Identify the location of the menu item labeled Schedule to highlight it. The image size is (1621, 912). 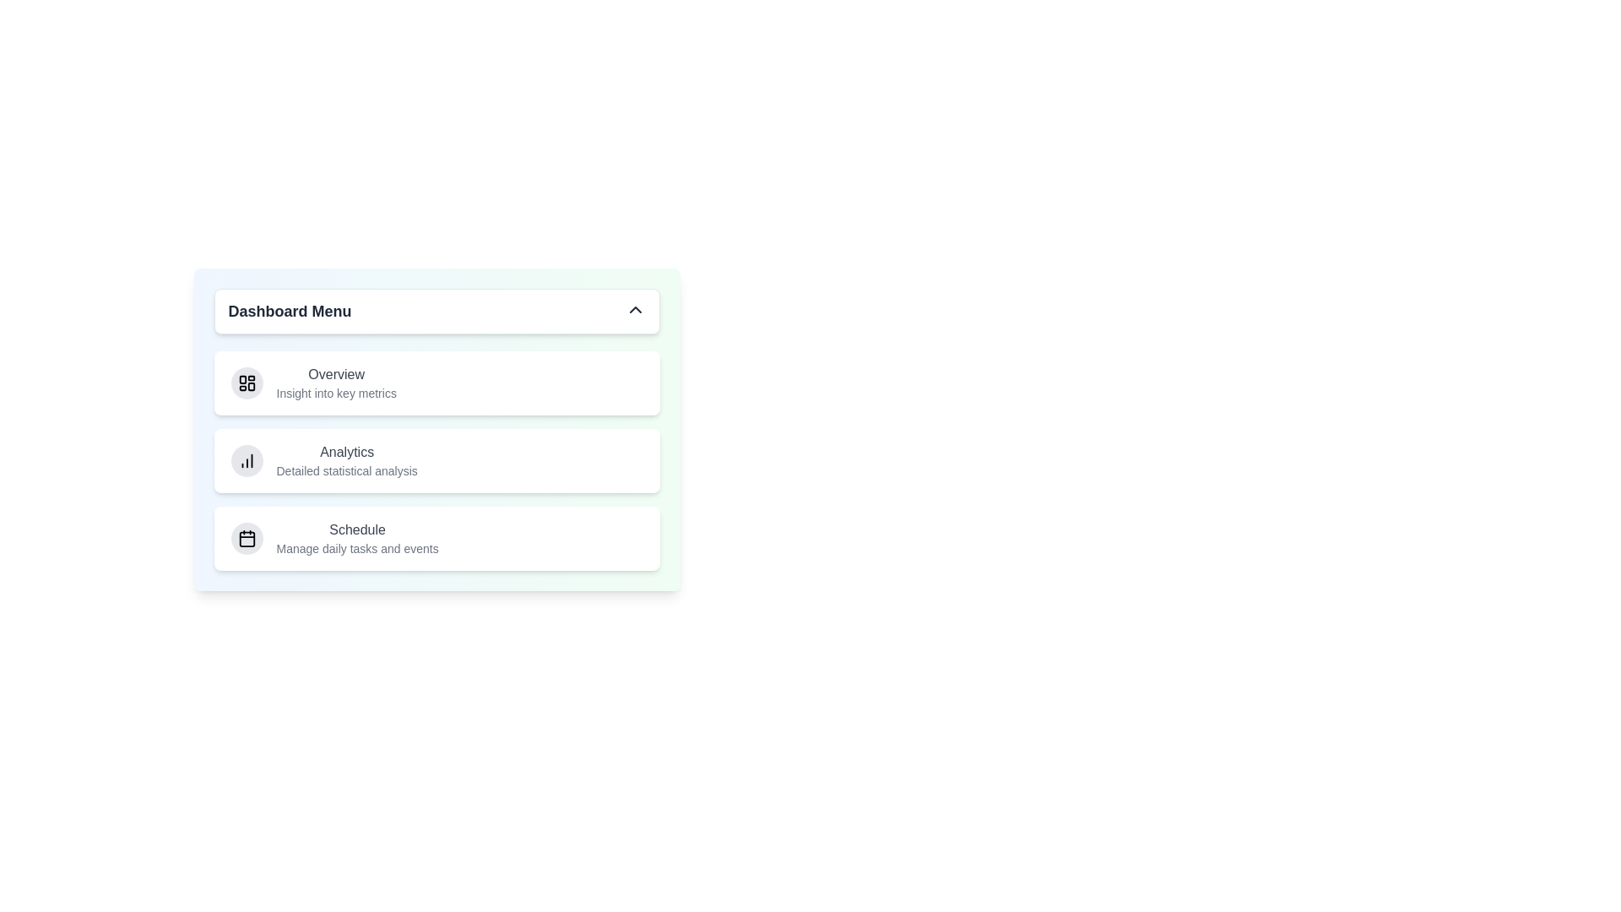
(355, 529).